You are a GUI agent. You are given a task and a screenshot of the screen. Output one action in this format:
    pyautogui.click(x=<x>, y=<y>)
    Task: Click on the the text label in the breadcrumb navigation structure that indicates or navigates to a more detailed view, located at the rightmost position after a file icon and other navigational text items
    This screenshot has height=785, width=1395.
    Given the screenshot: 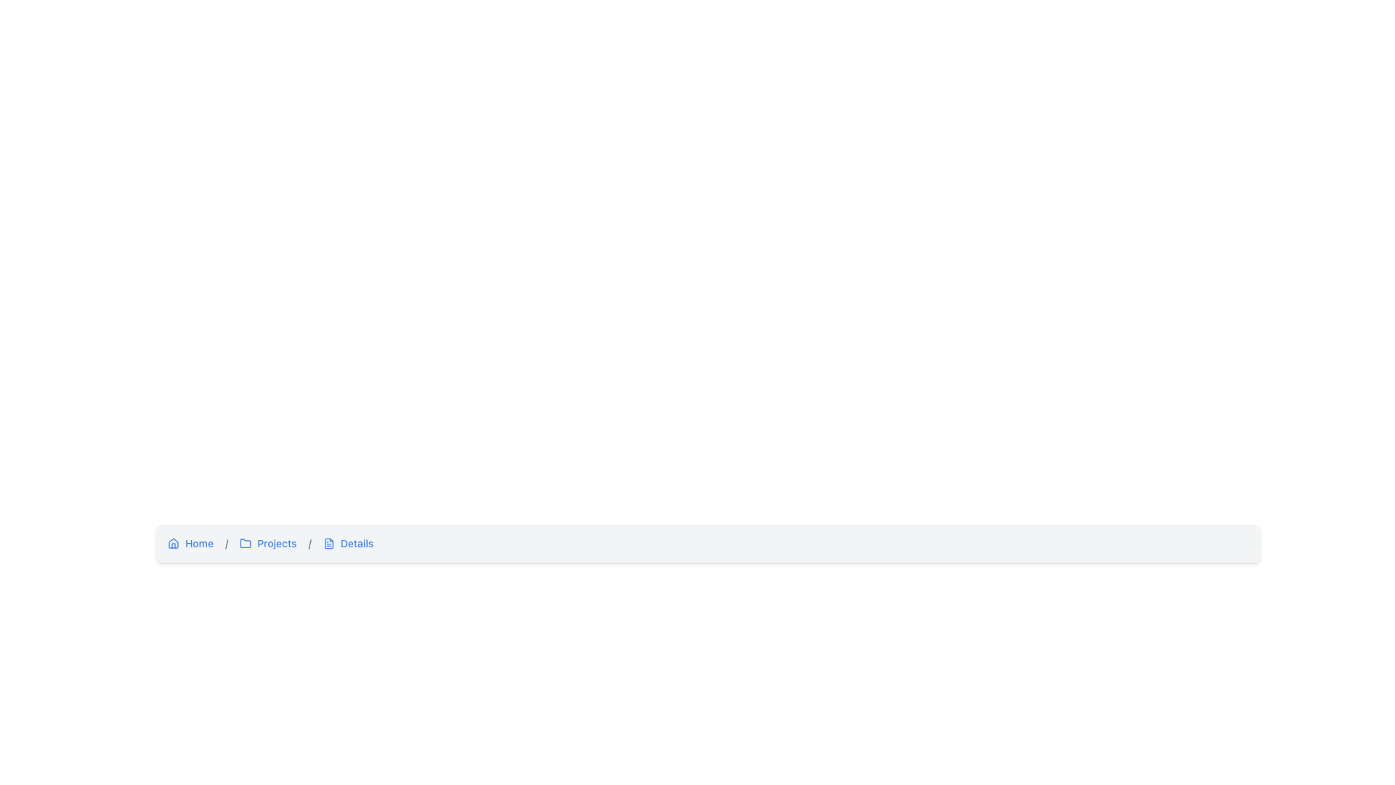 What is the action you would take?
    pyautogui.click(x=357, y=544)
    